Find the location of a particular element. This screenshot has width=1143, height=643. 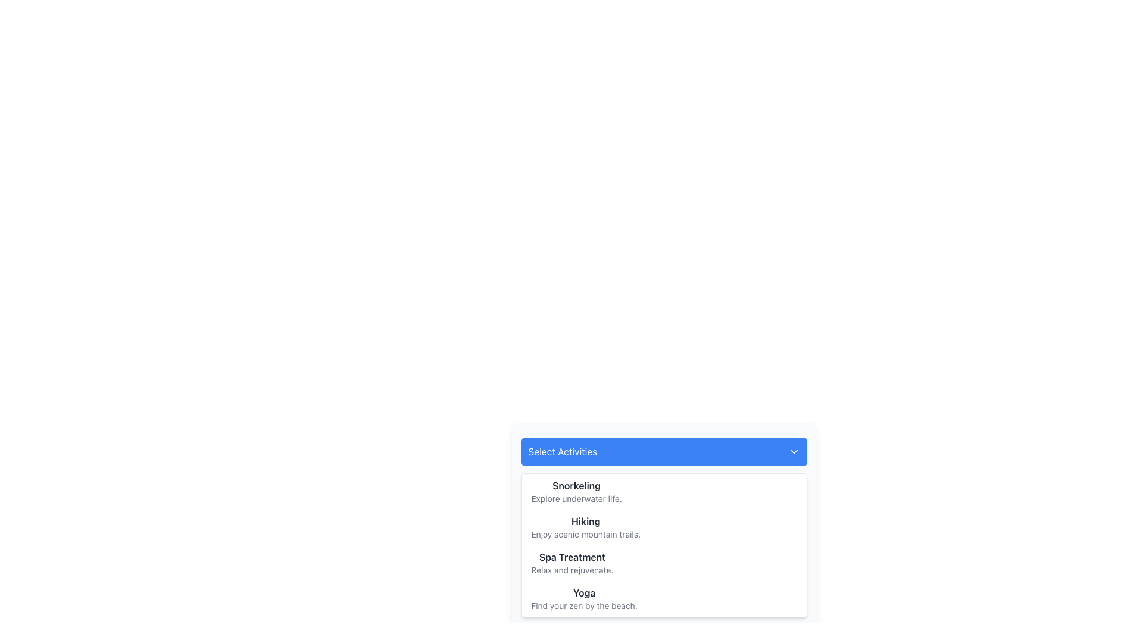

text element that displays 'Snorkeling' in bold, located under the blue header 'Select Activities' is located at coordinates (576, 486).